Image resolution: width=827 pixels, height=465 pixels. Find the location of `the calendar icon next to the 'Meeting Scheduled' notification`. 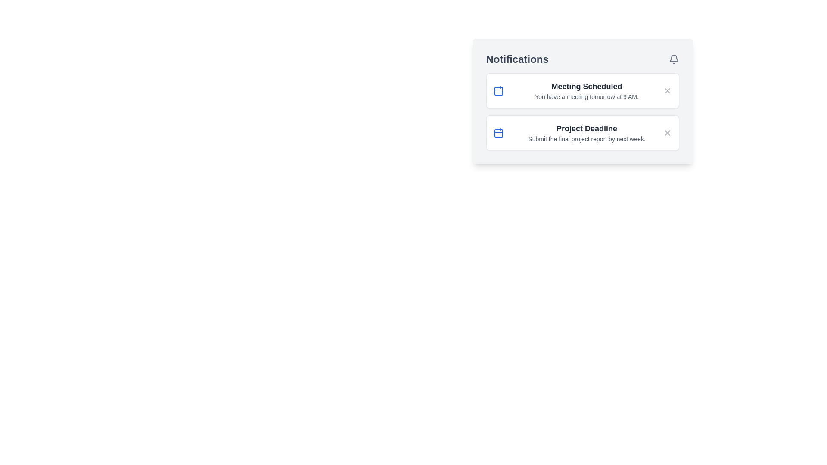

the calendar icon next to the 'Meeting Scheduled' notification is located at coordinates (498, 91).